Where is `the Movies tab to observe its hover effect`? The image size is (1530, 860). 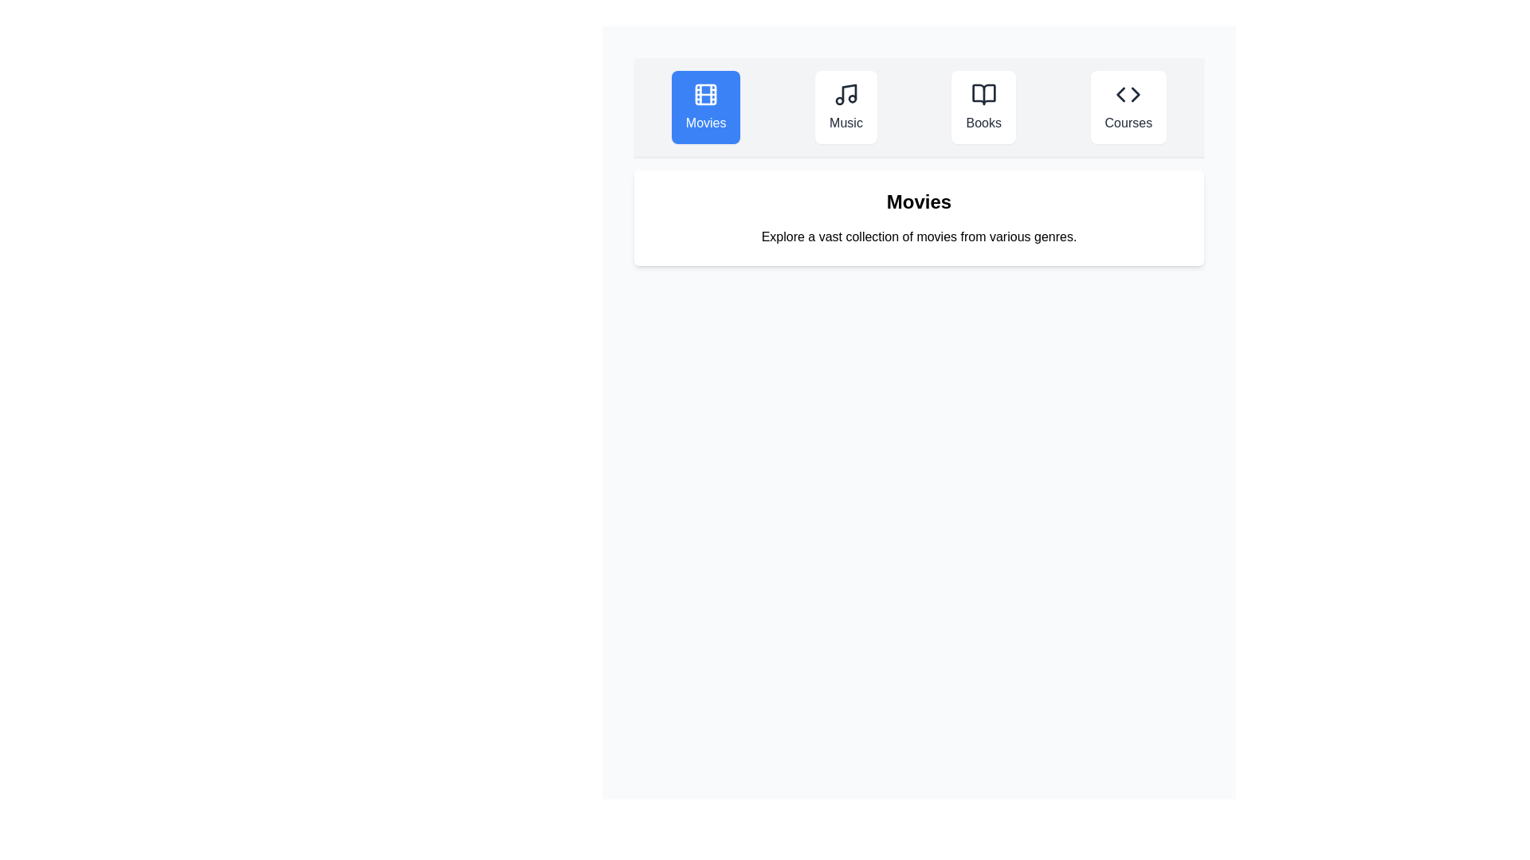
the Movies tab to observe its hover effect is located at coordinates (705, 107).